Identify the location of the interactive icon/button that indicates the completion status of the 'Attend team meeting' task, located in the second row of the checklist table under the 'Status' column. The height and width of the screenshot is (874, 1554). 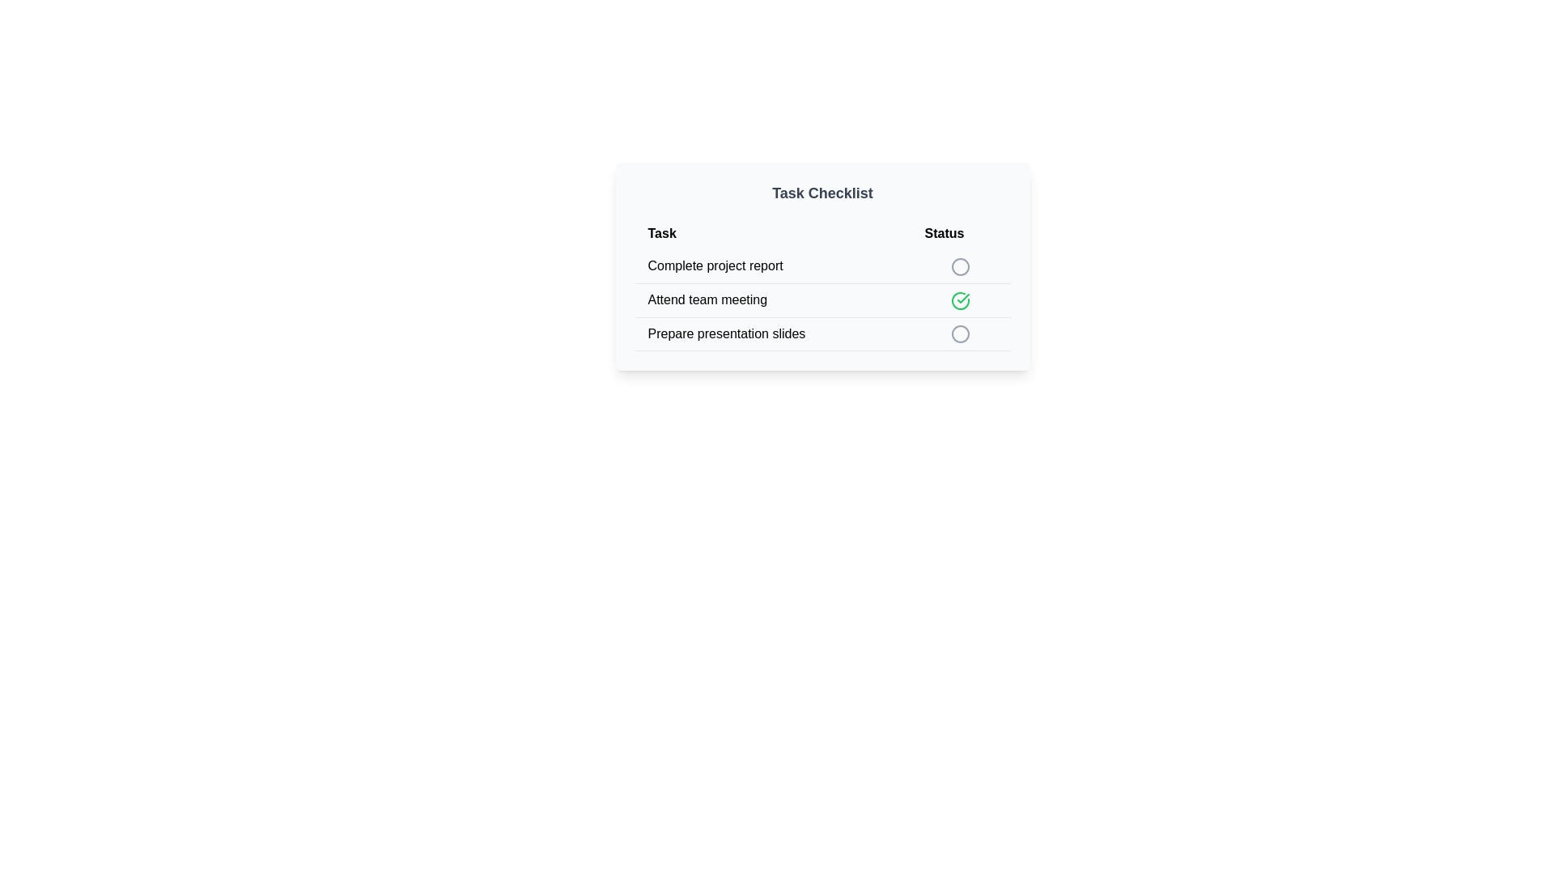
(961, 300).